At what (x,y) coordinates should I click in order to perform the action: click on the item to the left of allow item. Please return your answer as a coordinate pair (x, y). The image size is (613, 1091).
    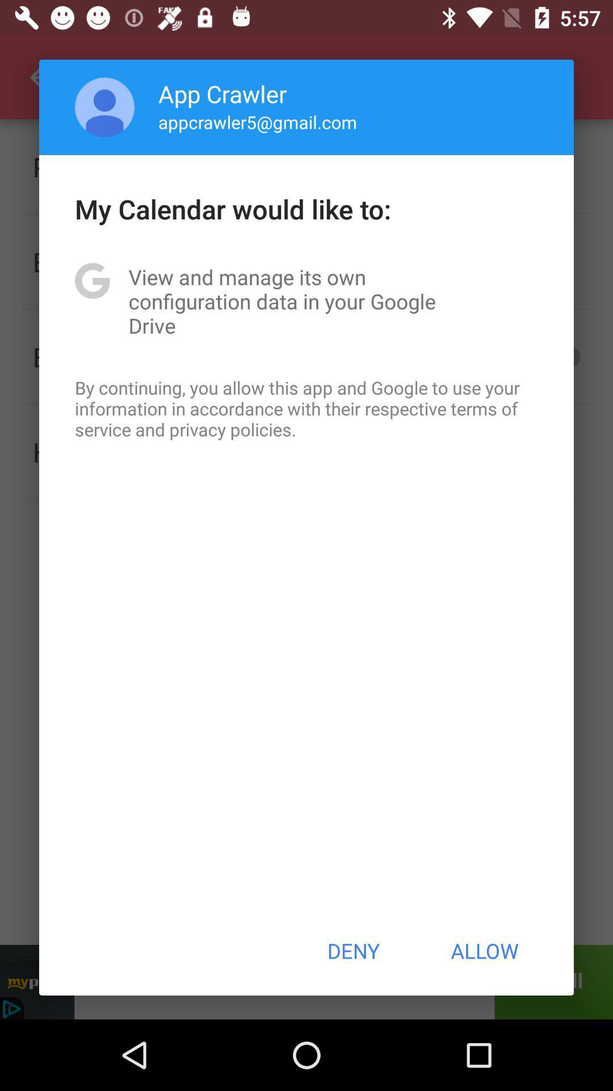
    Looking at the image, I should click on (352, 951).